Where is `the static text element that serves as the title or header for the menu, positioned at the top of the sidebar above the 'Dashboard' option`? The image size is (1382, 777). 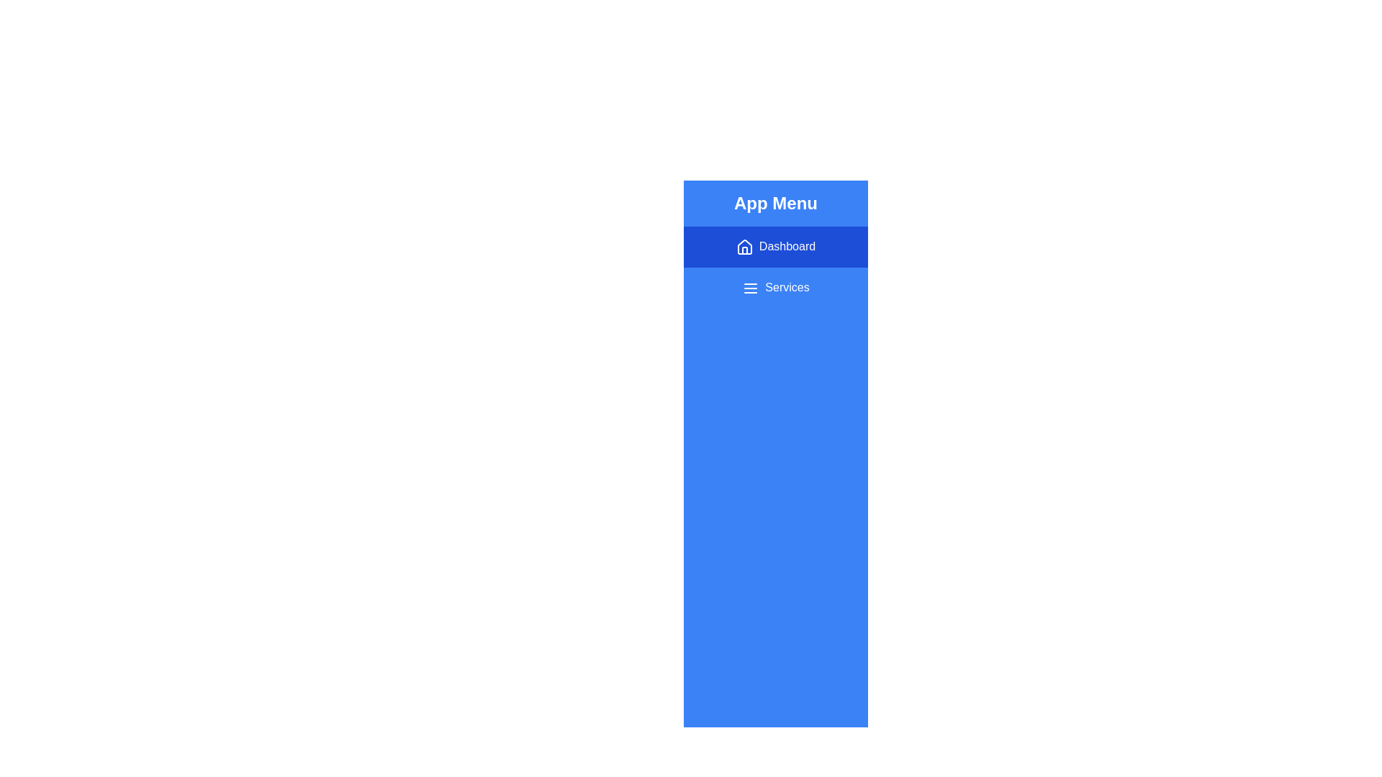 the static text element that serves as the title or header for the menu, positioned at the top of the sidebar above the 'Dashboard' option is located at coordinates (775, 203).